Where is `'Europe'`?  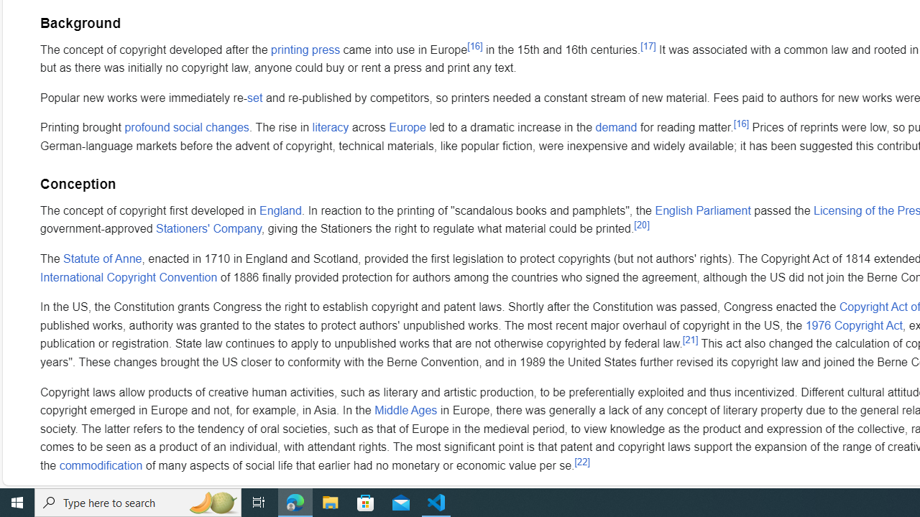 'Europe' is located at coordinates (407, 127).